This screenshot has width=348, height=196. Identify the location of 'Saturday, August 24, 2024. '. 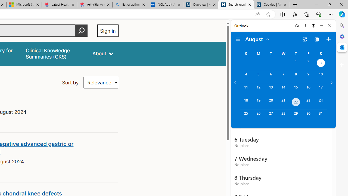
(321, 103).